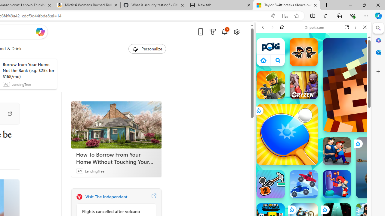 This screenshot has width=385, height=216. What do you see at coordinates (303, 85) in the screenshot?
I see `'Cryzen.io Cryzen.io'` at bounding box center [303, 85].